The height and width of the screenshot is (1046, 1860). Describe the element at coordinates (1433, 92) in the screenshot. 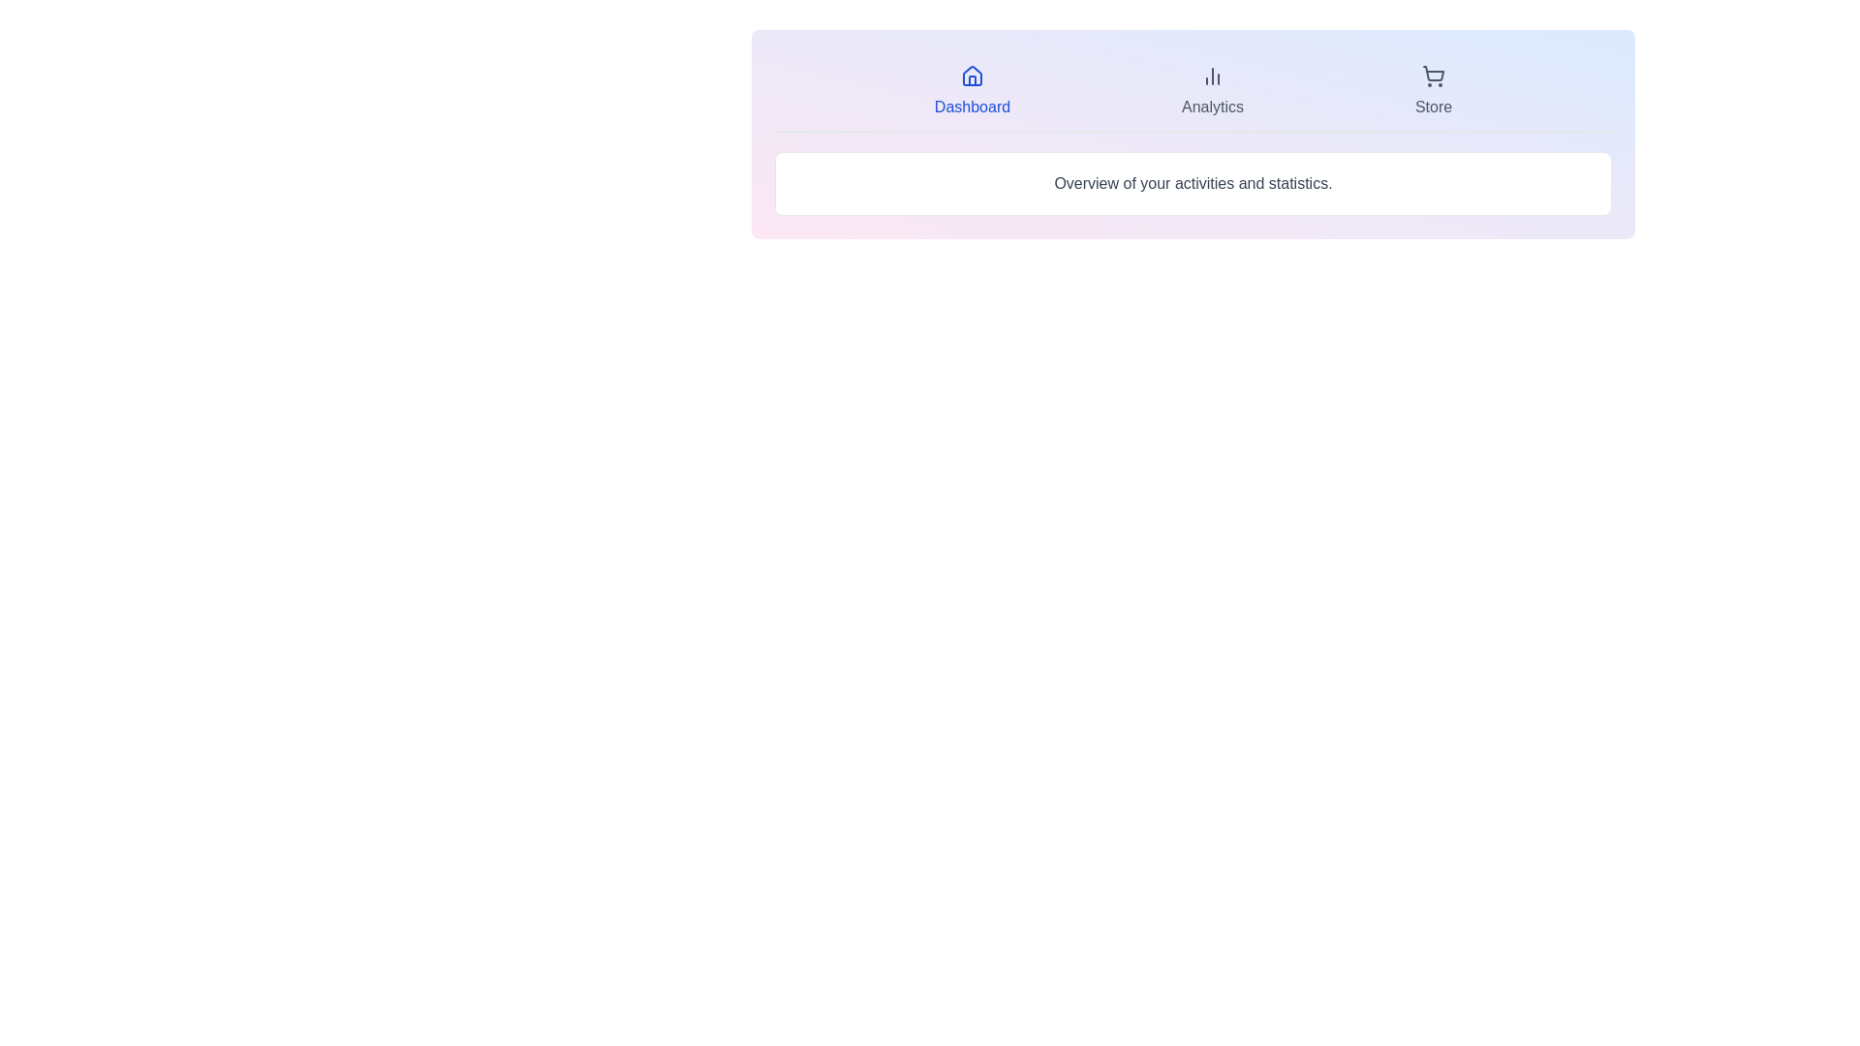

I see `the Store tab in the AdvancedTabs component` at that location.